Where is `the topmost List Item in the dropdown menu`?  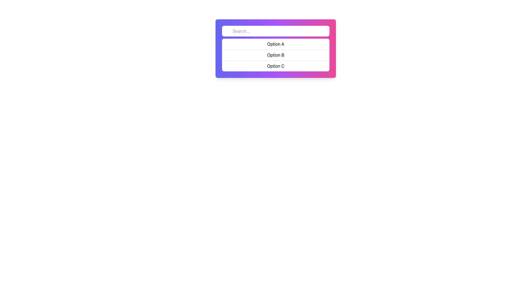
the topmost List Item in the dropdown menu is located at coordinates (276, 44).